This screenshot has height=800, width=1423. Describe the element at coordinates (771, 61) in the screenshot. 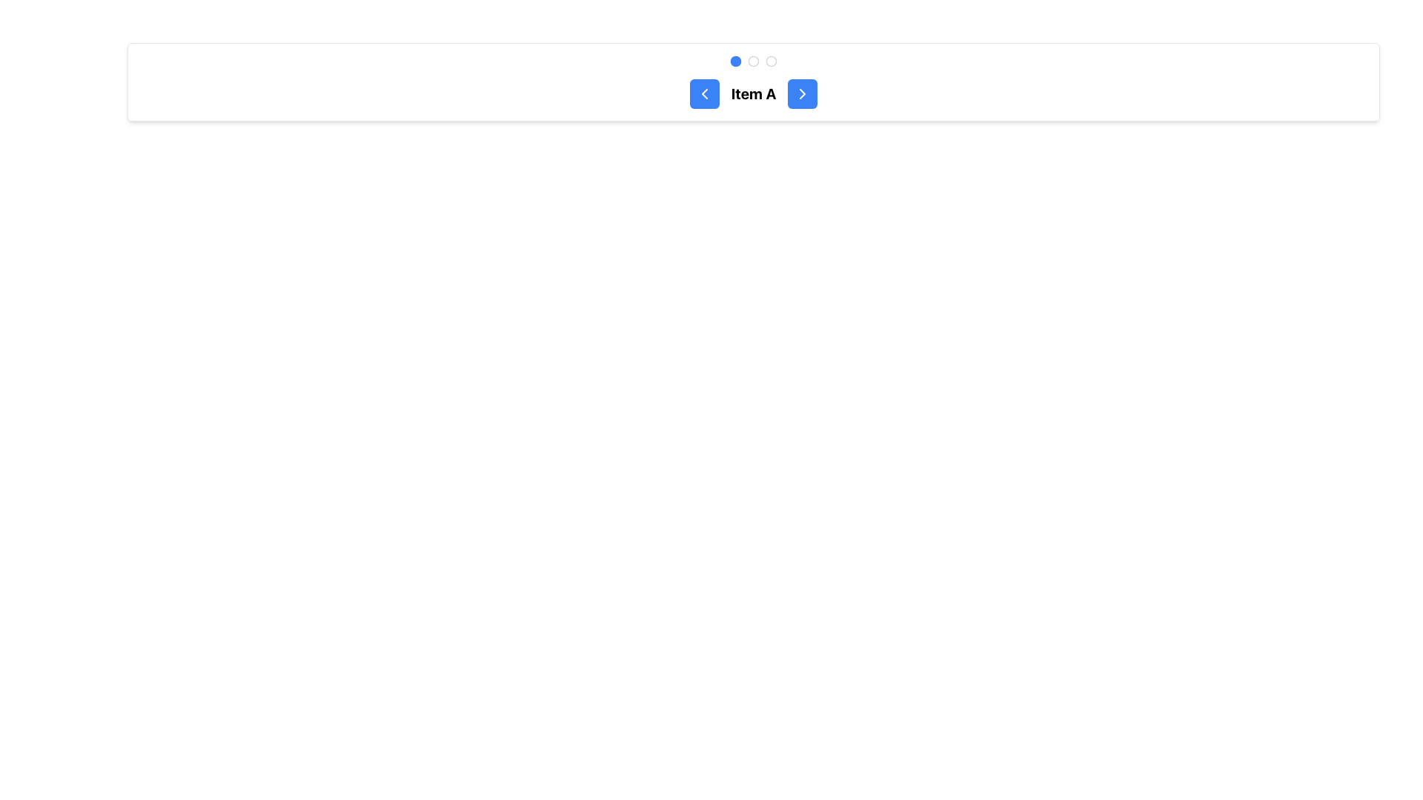

I see `the third circular indicator in the carousel pagination` at that location.